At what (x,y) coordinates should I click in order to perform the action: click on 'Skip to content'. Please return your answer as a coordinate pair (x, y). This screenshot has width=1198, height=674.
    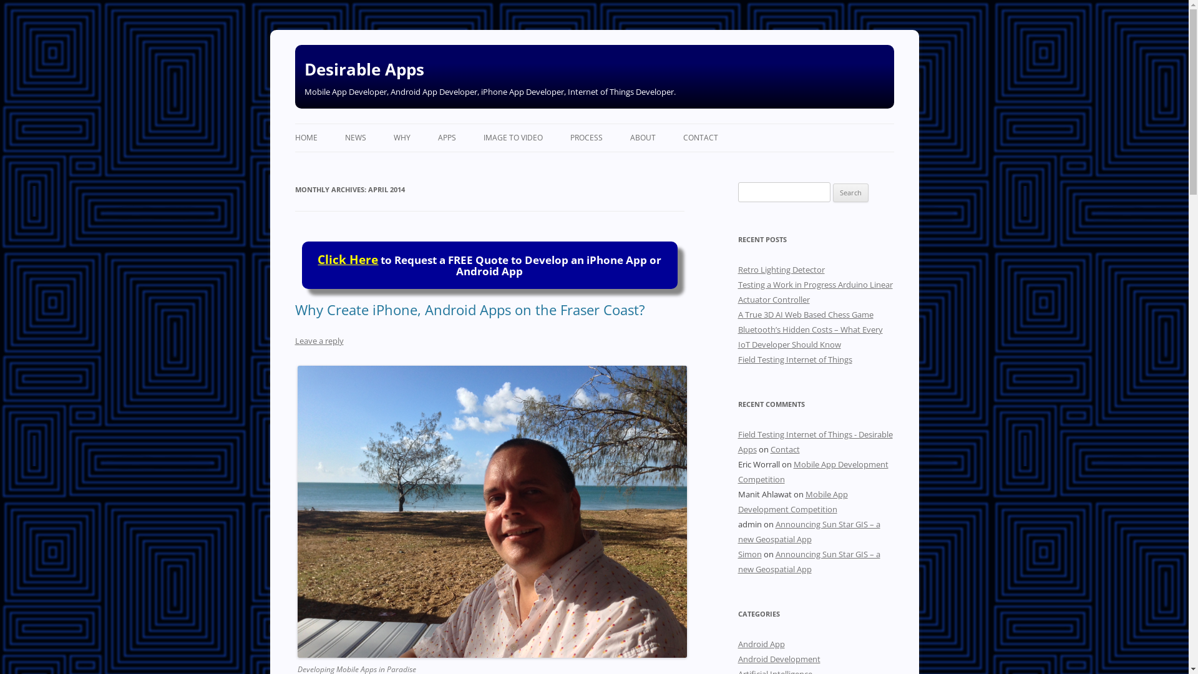
    Looking at the image, I should click on (593, 124).